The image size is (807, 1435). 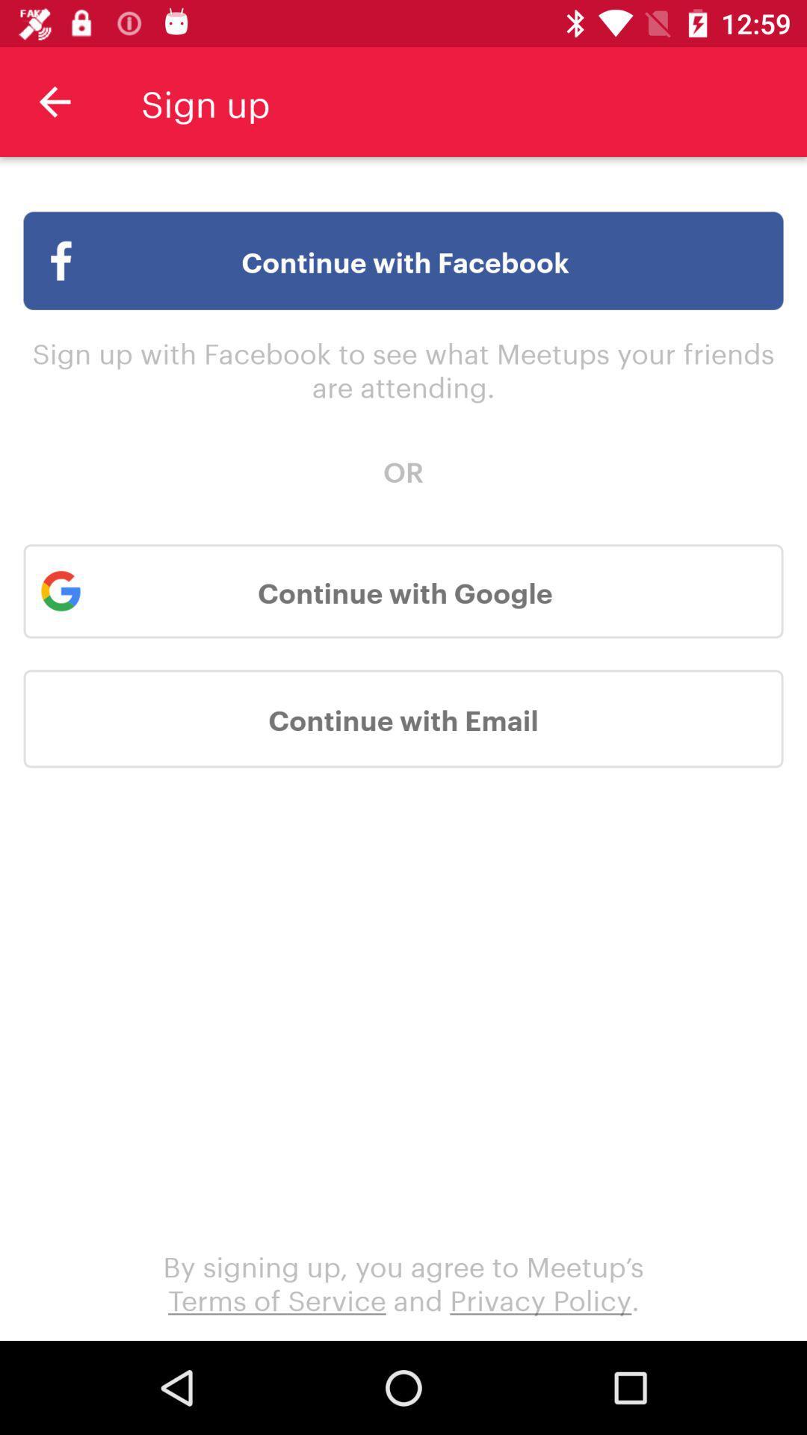 What do you see at coordinates (403, 1281) in the screenshot?
I see `by signing up` at bounding box center [403, 1281].